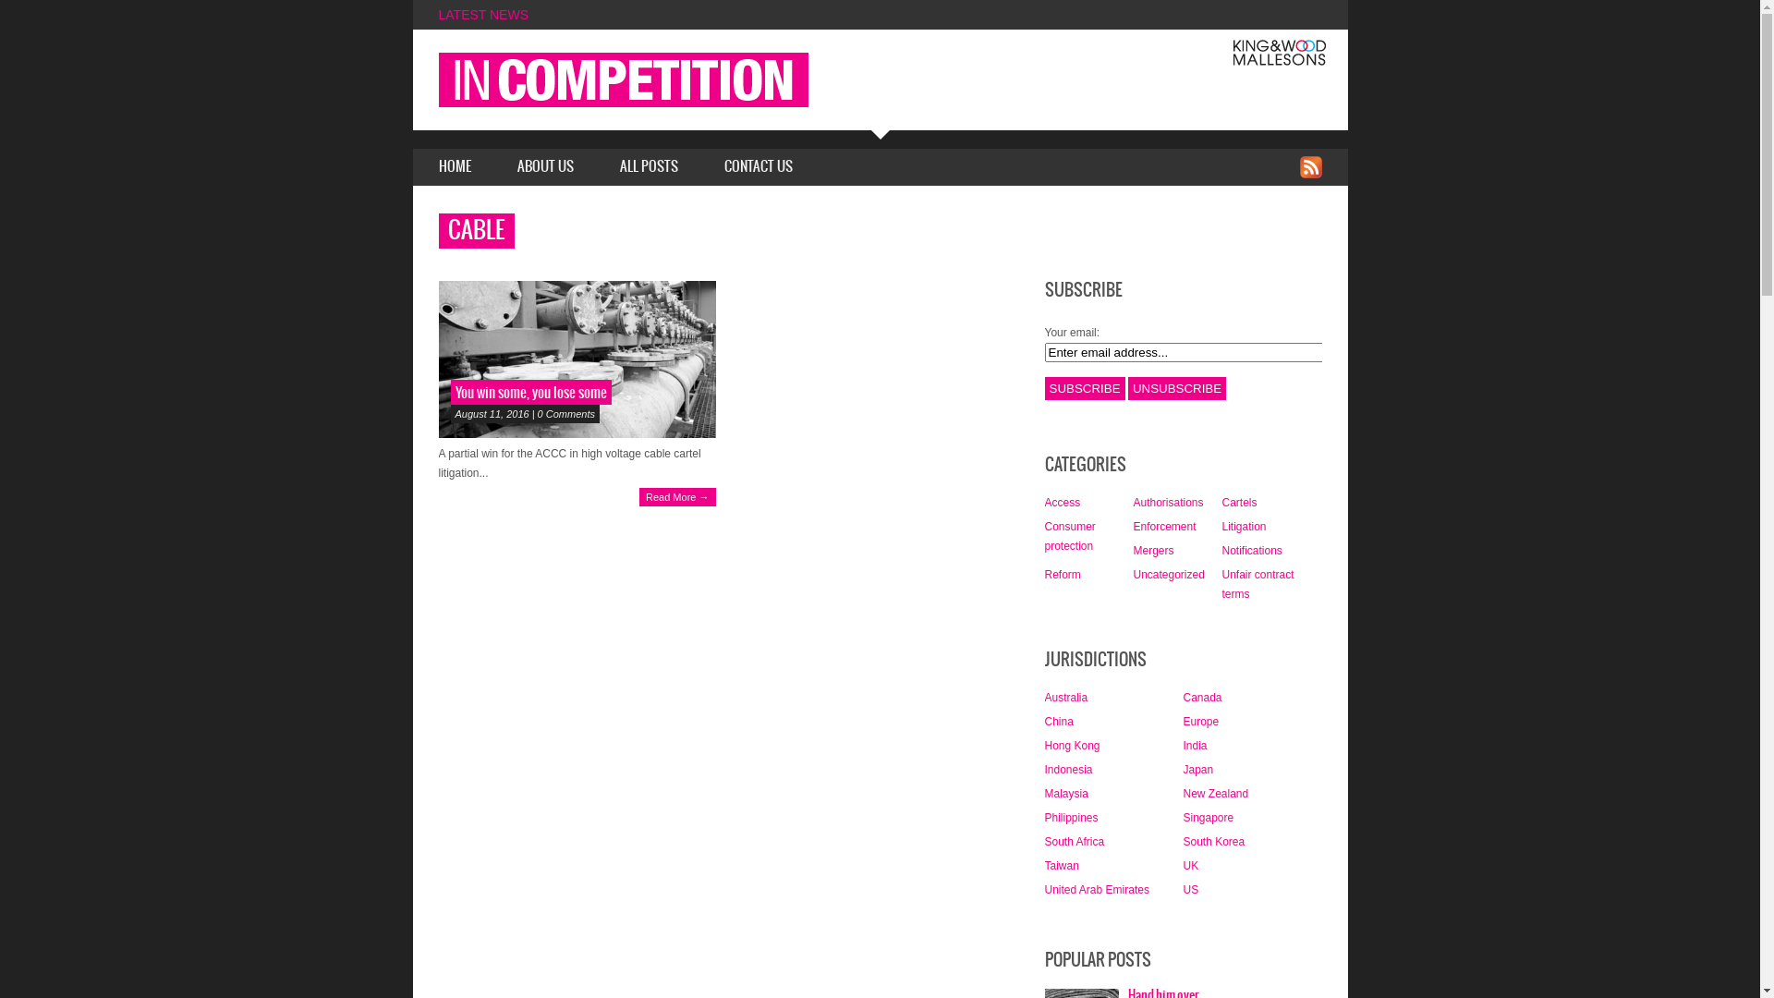 Image resolution: width=1774 pixels, height=998 pixels. Describe the element at coordinates (1183, 793) in the screenshot. I see `'New Zealand'` at that location.